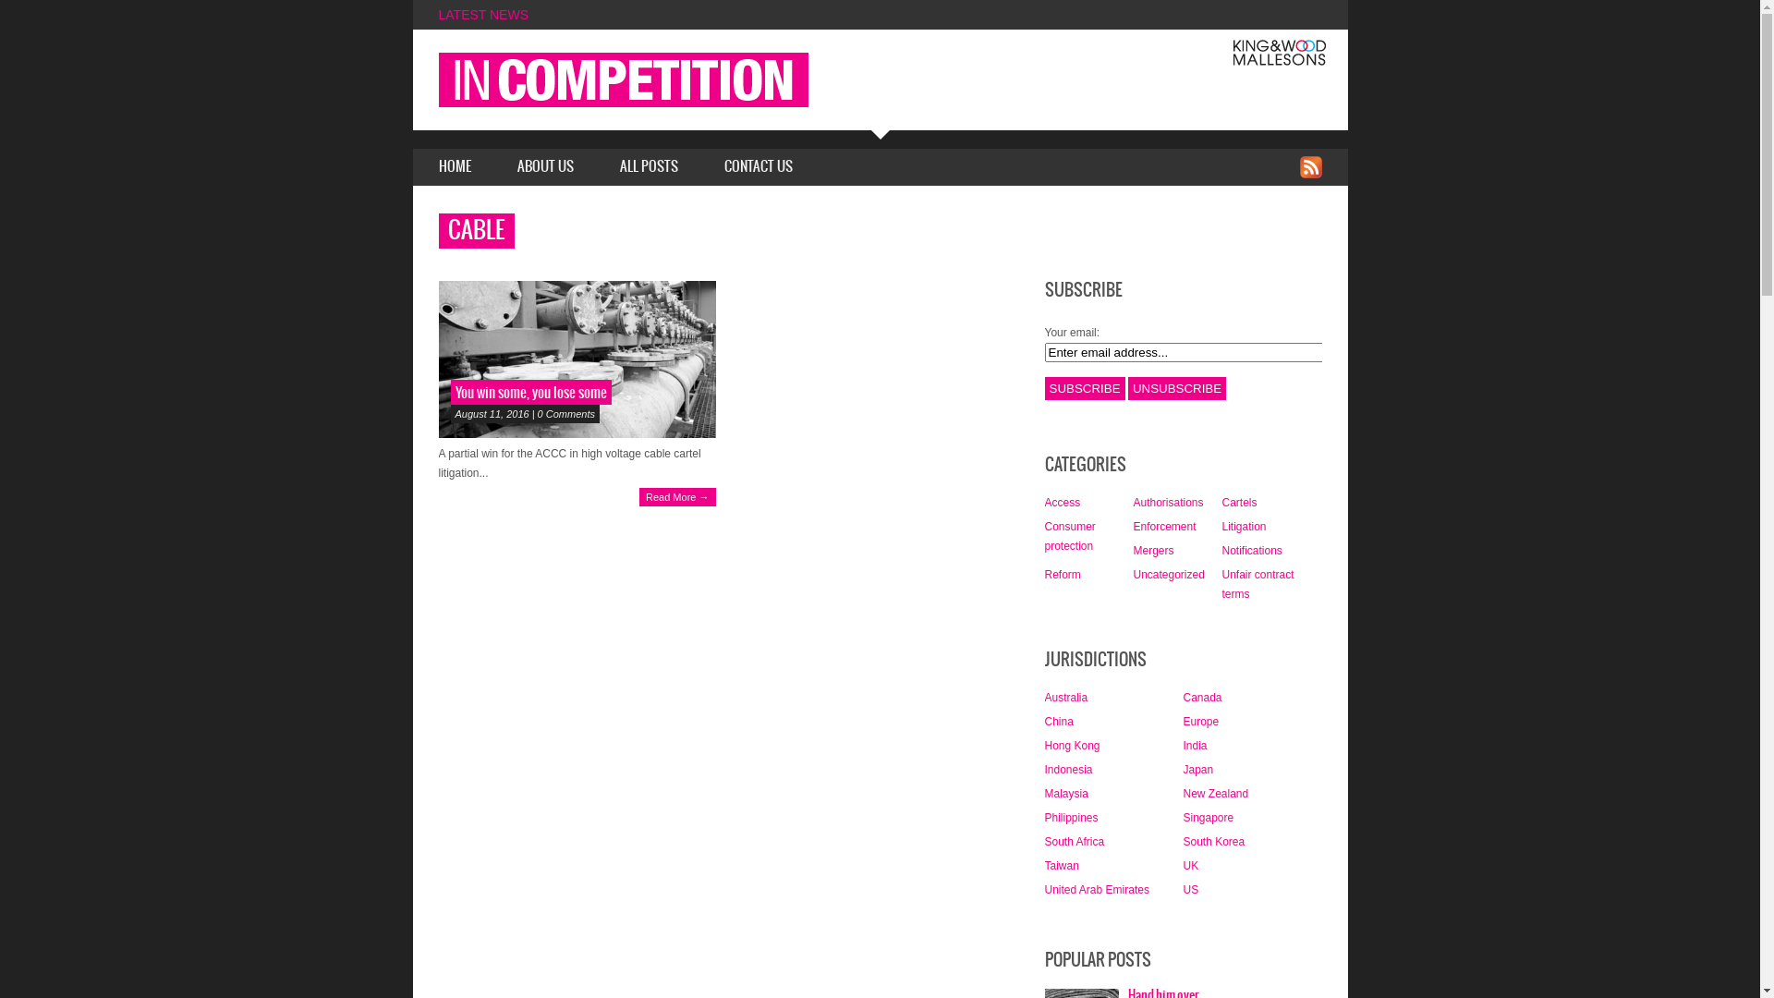 Image resolution: width=1774 pixels, height=998 pixels. Describe the element at coordinates (1183, 793) in the screenshot. I see `'New Zealand'` at that location.